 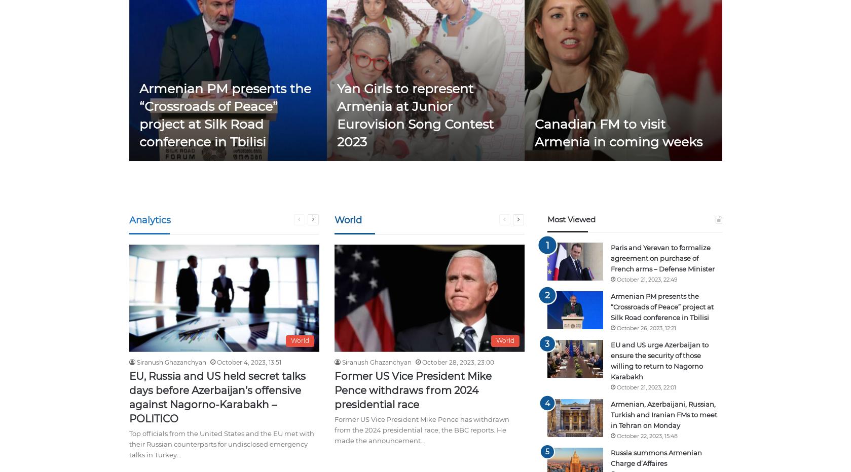 I want to click on 'October 26, 2023, 12:21', so click(x=615, y=327).